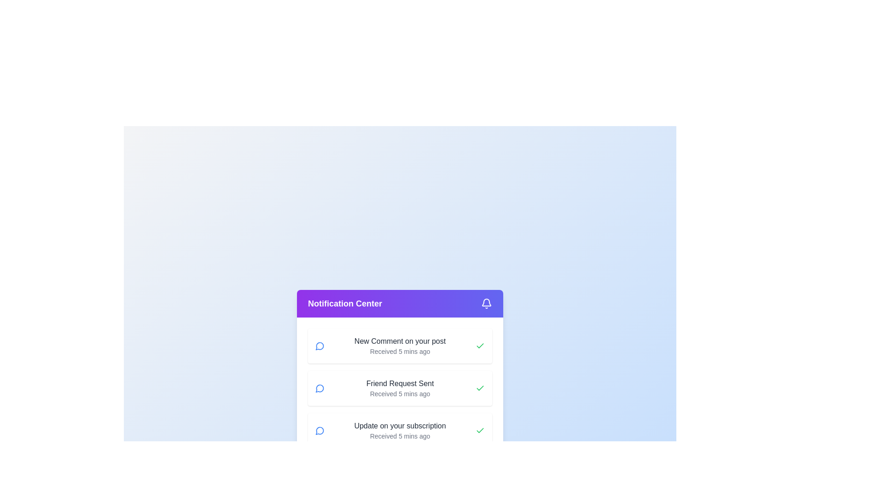  Describe the element at coordinates (479, 431) in the screenshot. I see `the notification indicated by the icon located at the far-right side of the third notification entry titled 'Update on your subscription'` at that location.